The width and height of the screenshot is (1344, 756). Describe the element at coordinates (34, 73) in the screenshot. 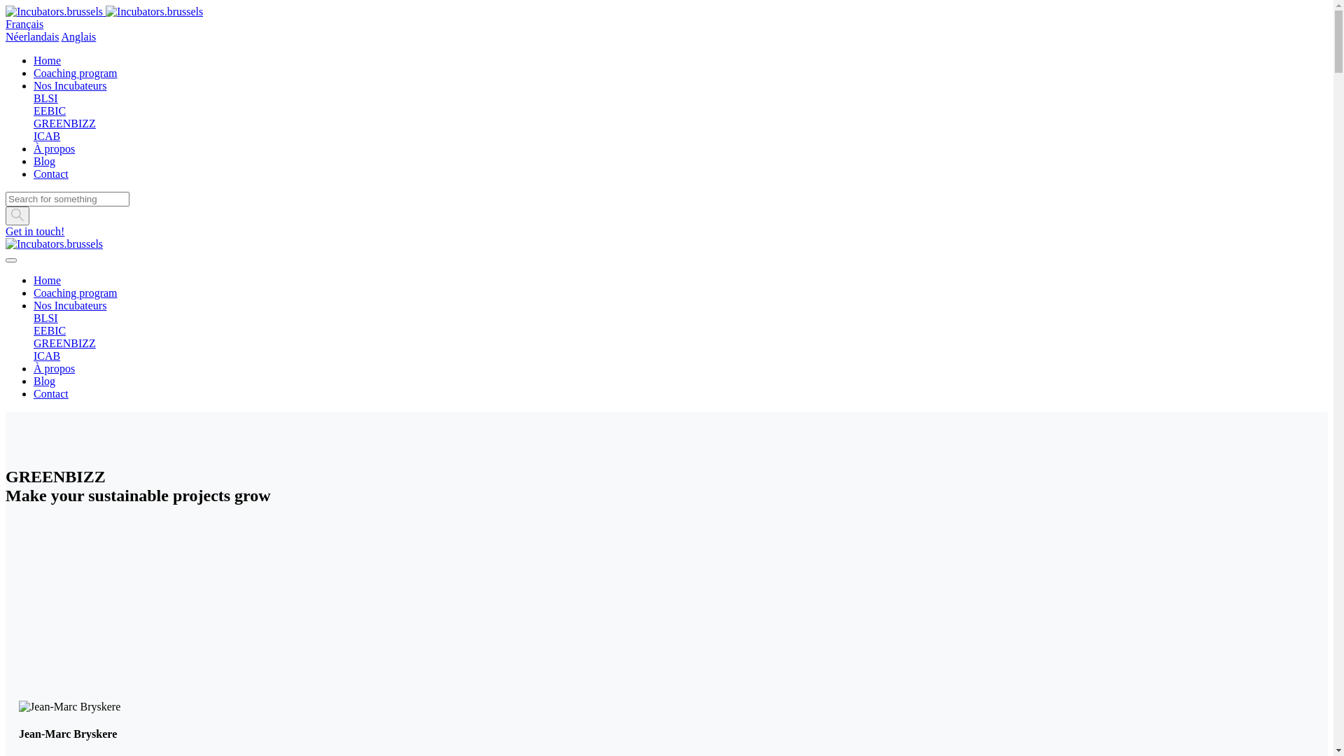

I see `'Coaching program'` at that location.